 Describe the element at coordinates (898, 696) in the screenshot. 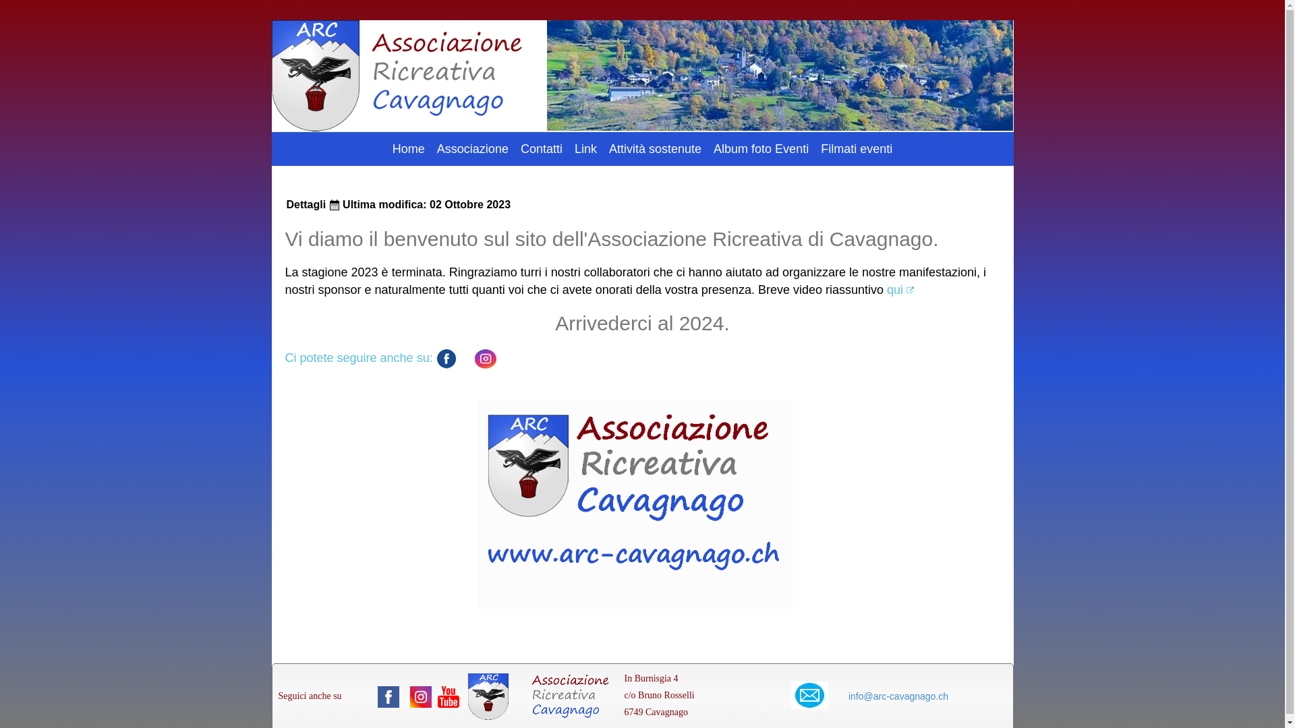

I see `'info@arc-cavagnago.ch'` at that location.